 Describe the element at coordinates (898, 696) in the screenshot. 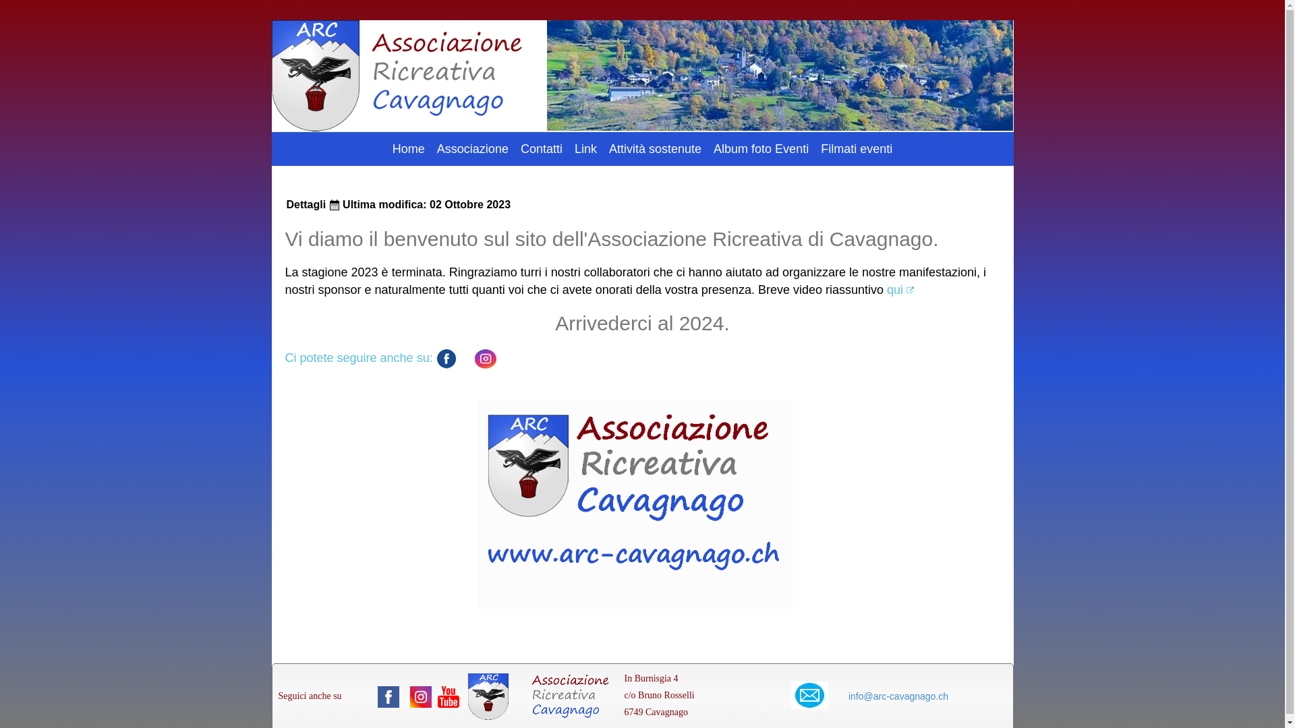

I see `'info@arc-cavagnago.ch'` at that location.